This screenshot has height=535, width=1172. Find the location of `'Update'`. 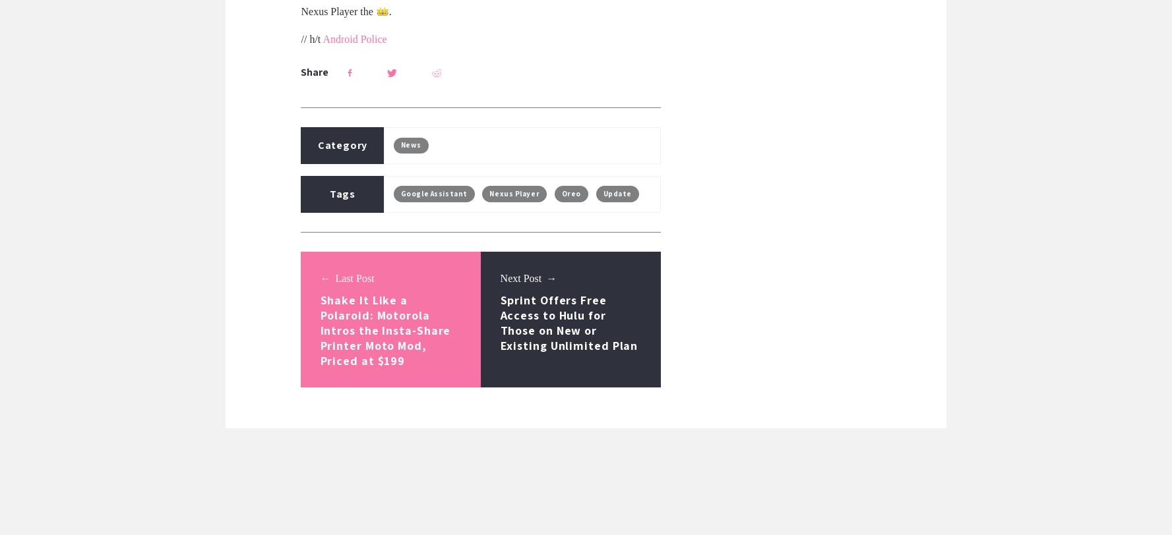

'Update' is located at coordinates (617, 194).